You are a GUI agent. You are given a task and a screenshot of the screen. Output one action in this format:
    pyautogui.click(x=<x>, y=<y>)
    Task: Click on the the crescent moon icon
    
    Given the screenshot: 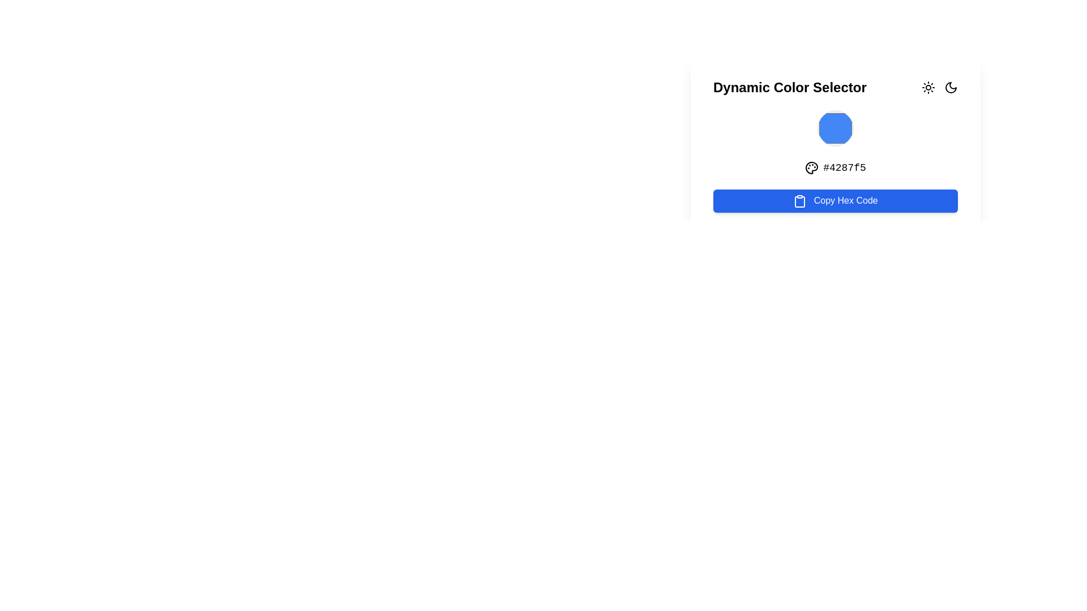 What is the action you would take?
    pyautogui.click(x=951, y=87)
    